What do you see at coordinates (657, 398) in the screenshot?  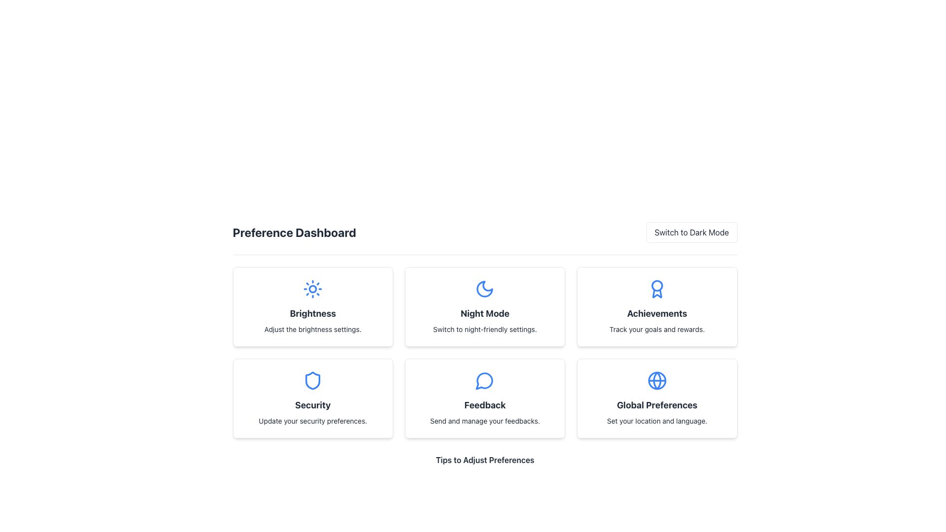 I see `the 'Global Preferences' card, which is the last card in a grid layout` at bounding box center [657, 398].